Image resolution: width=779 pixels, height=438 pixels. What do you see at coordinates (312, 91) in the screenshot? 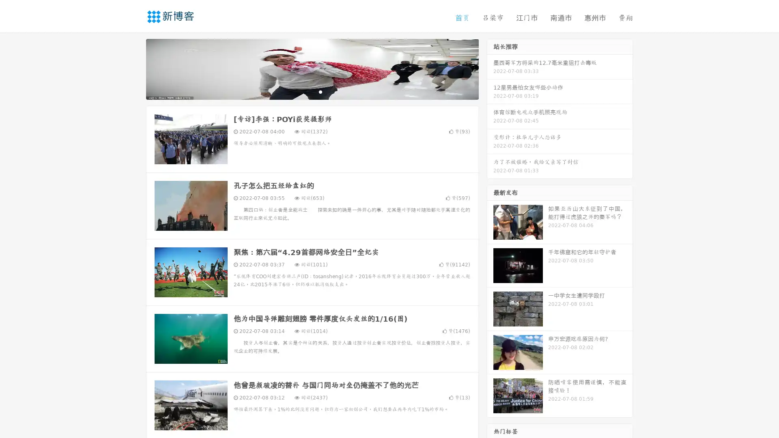
I see `Go to slide 2` at bounding box center [312, 91].